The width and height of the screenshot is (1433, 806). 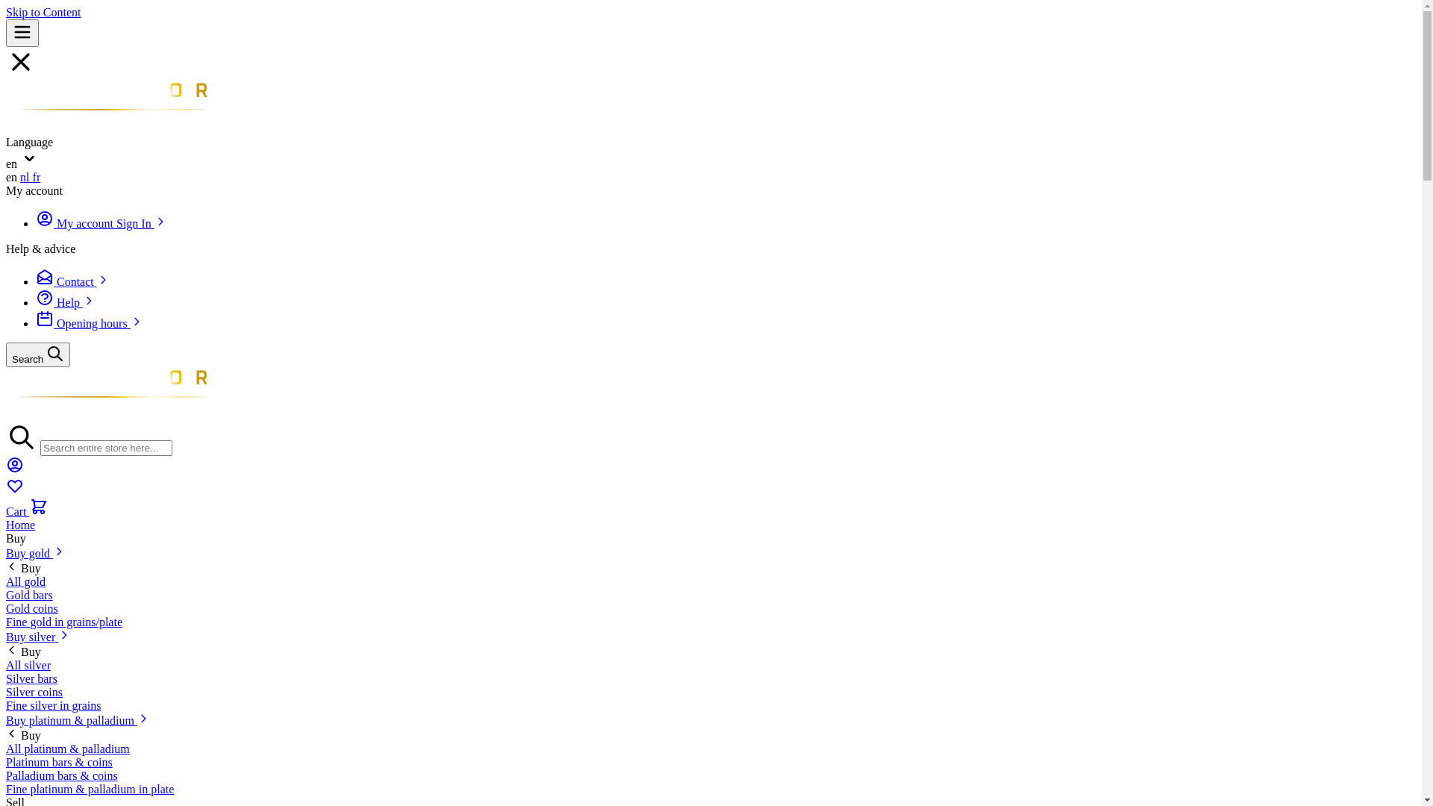 What do you see at coordinates (25, 581) in the screenshot?
I see `'All gold'` at bounding box center [25, 581].